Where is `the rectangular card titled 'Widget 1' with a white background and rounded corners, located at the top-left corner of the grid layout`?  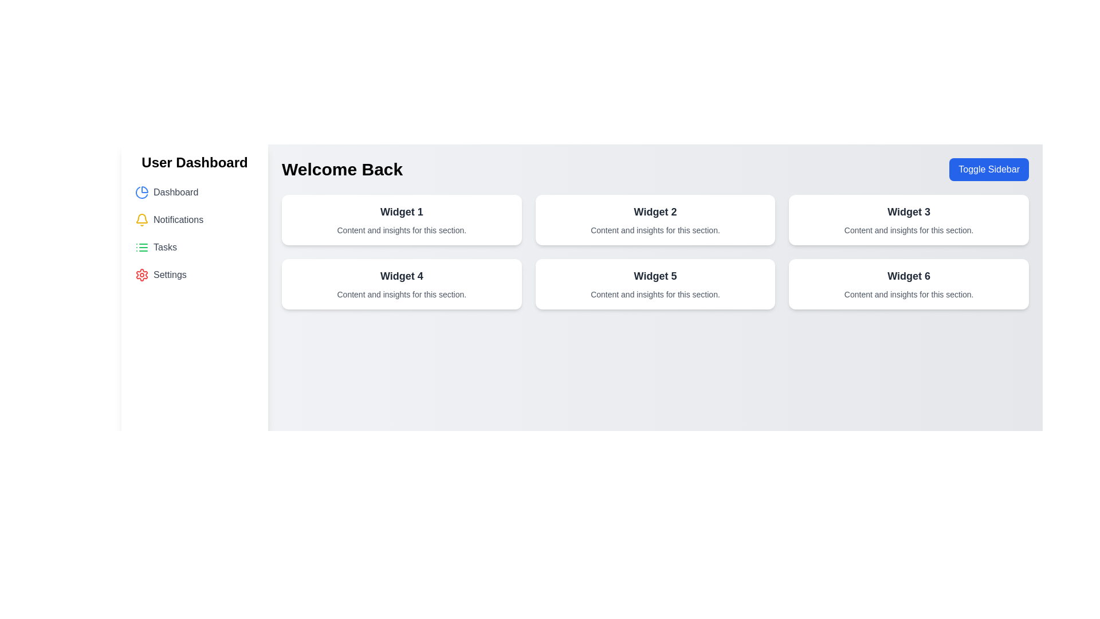
the rectangular card titled 'Widget 1' with a white background and rounded corners, located at the top-left corner of the grid layout is located at coordinates (402, 220).